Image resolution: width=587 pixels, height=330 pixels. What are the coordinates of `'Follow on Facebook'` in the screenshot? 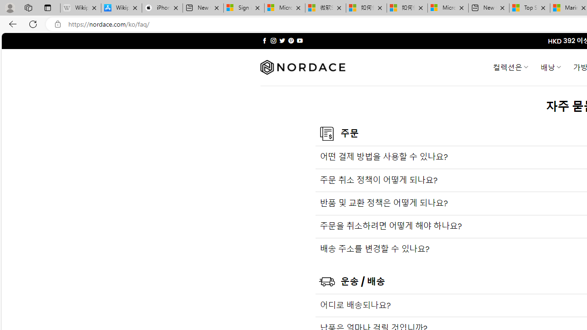 It's located at (264, 40).